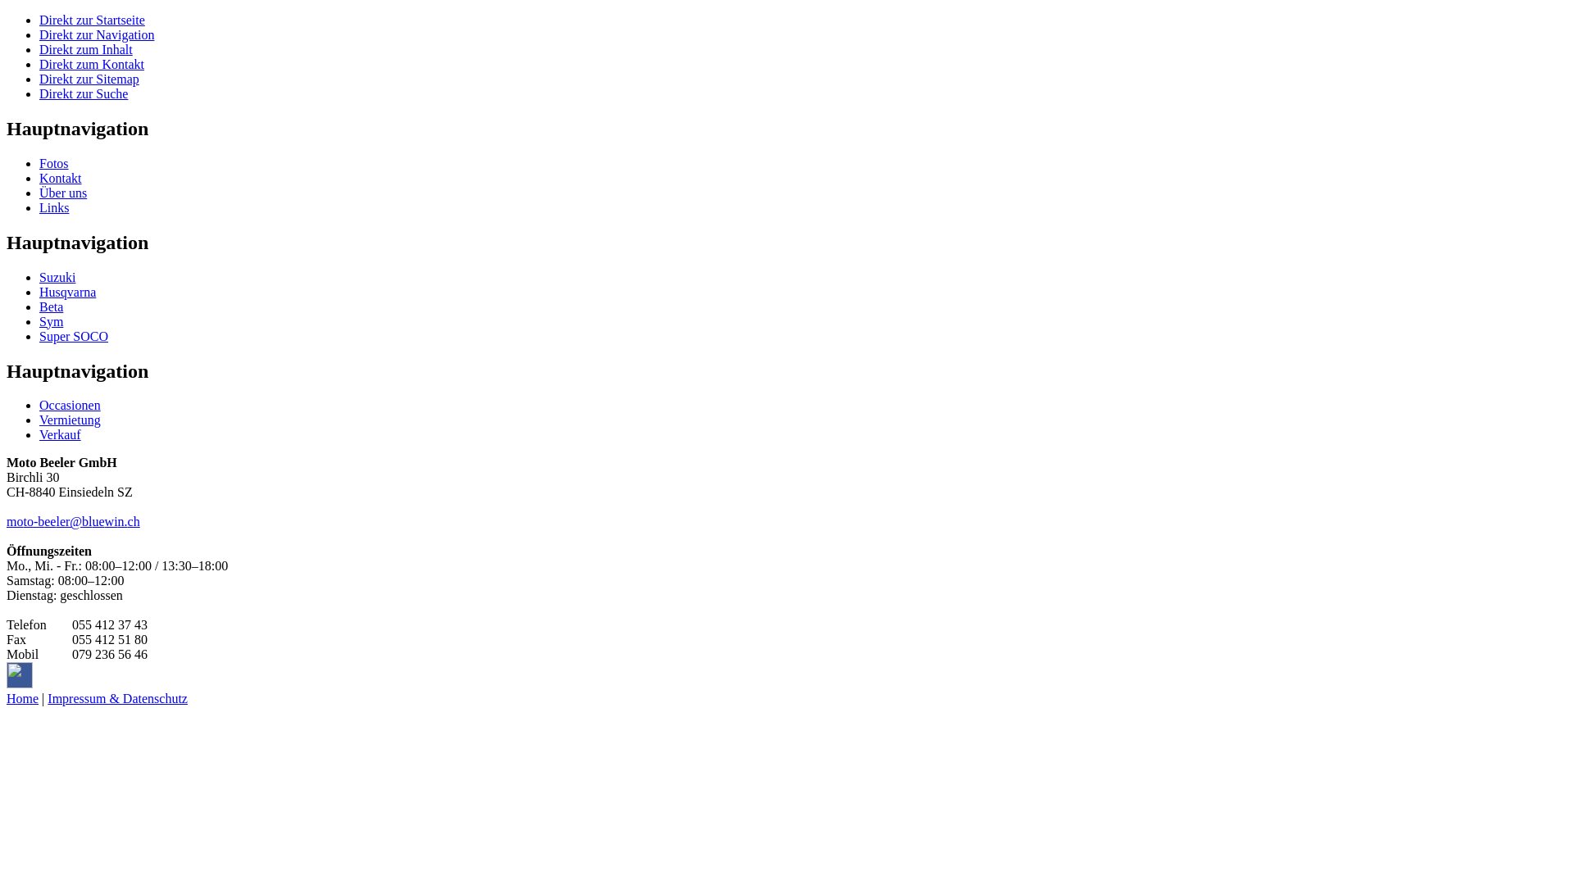  Describe the element at coordinates (82, 93) in the screenshot. I see `'Direkt zur Suche'` at that location.